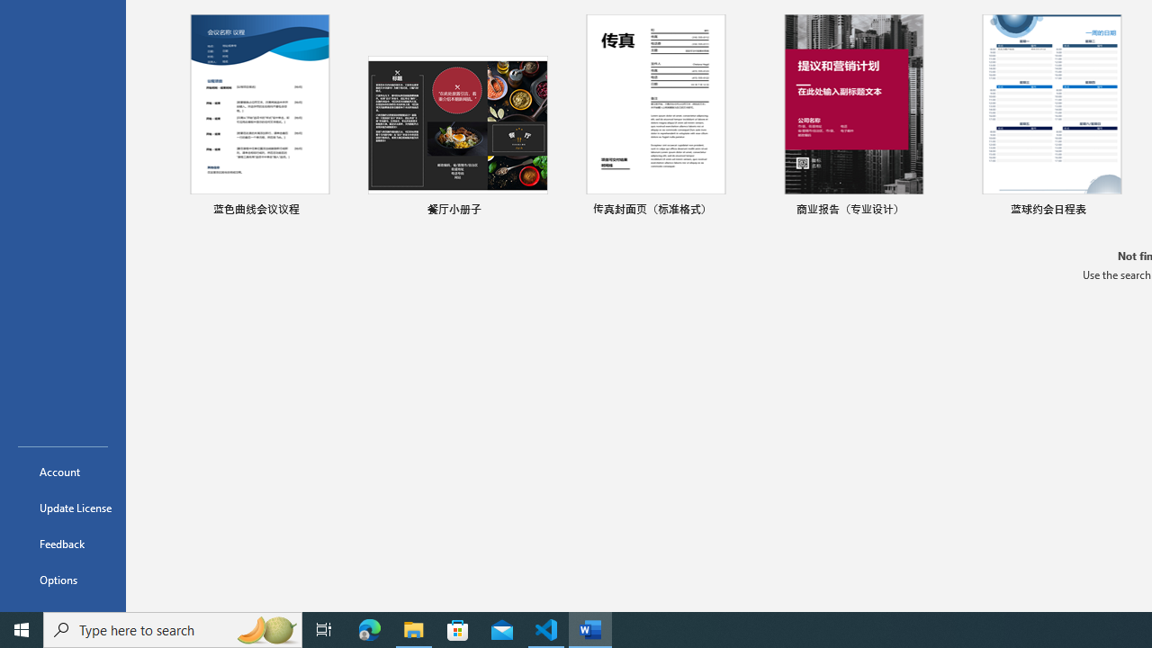 This screenshot has width=1152, height=648. Describe the element at coordinates (62, 508) in the screenshot. I see `'Update License'` at that location.